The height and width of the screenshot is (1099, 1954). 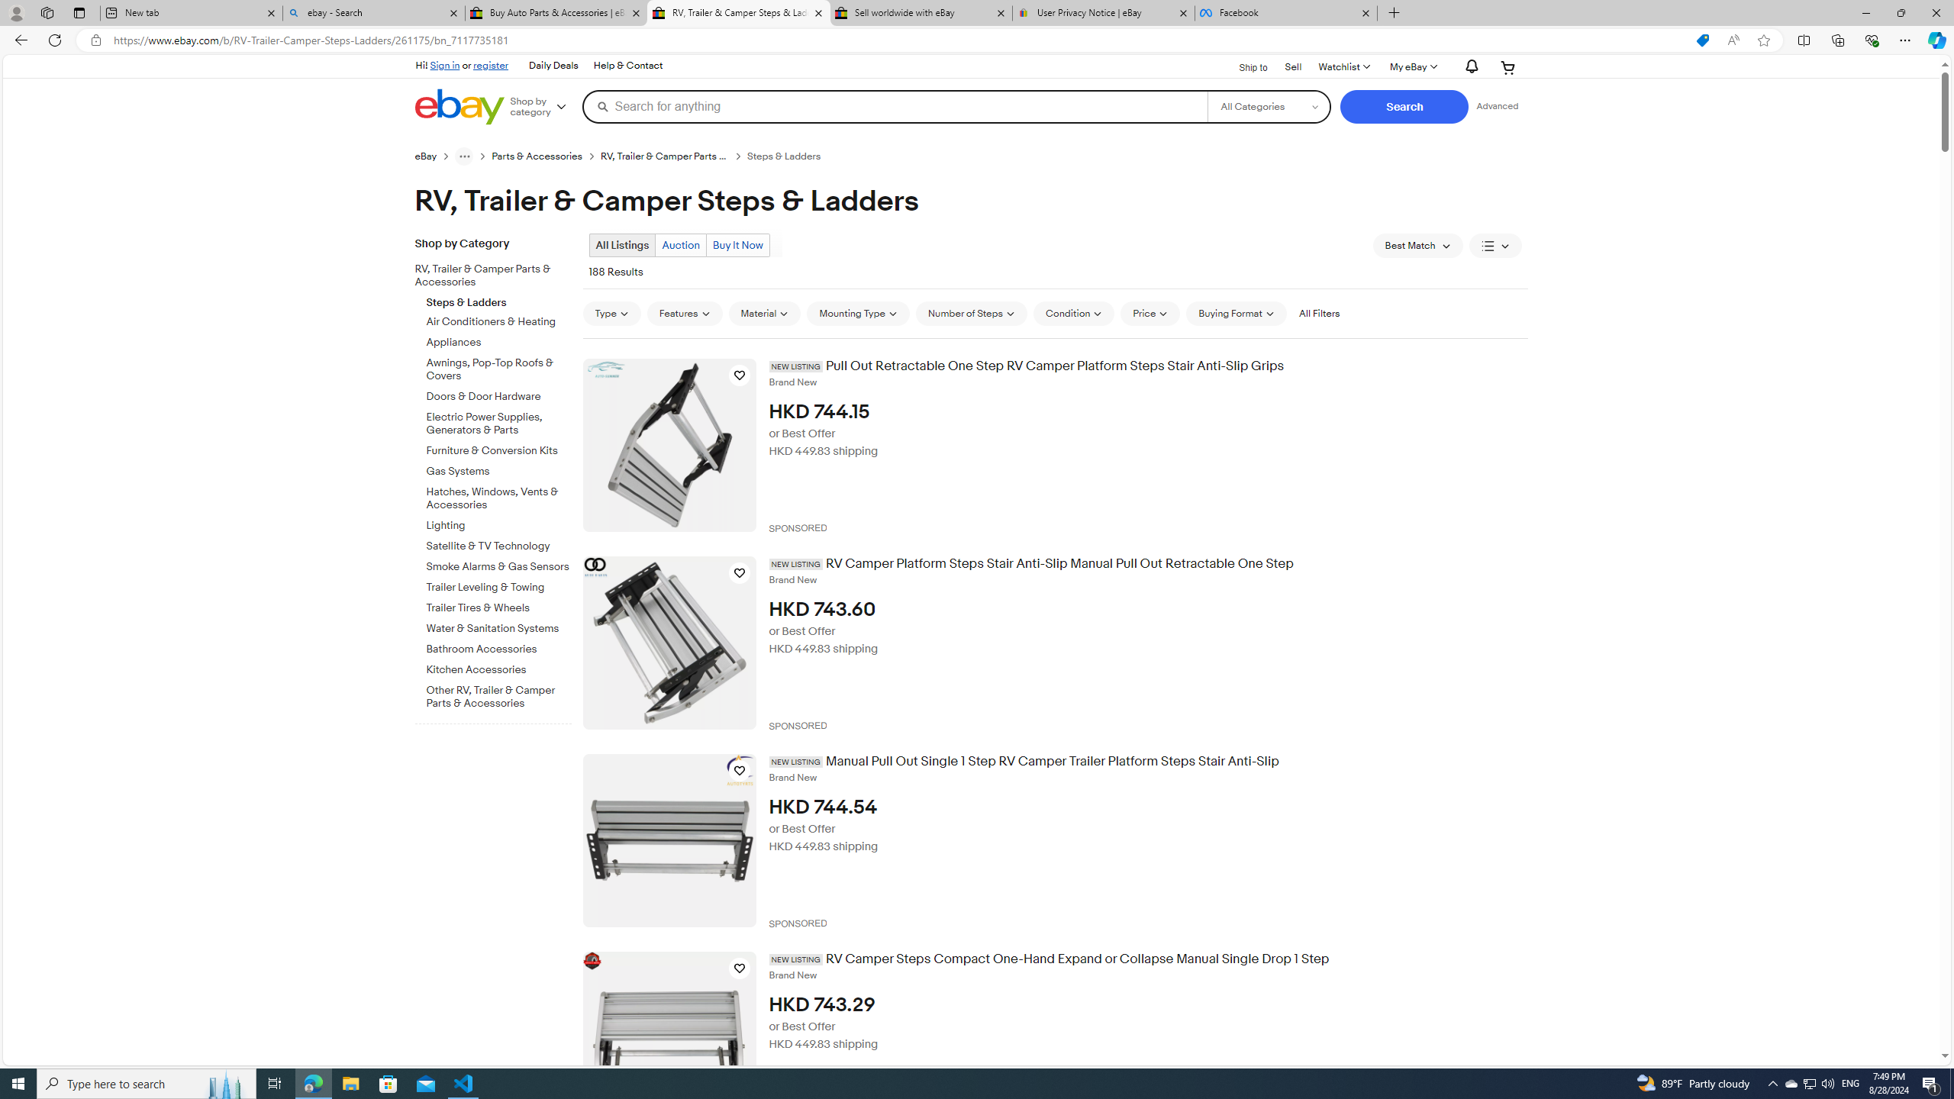 What do you see at coordinates (498, 625) in the screenshot?
I see `'Water & Sanitation Systems'` at bounding box center [498, 625].